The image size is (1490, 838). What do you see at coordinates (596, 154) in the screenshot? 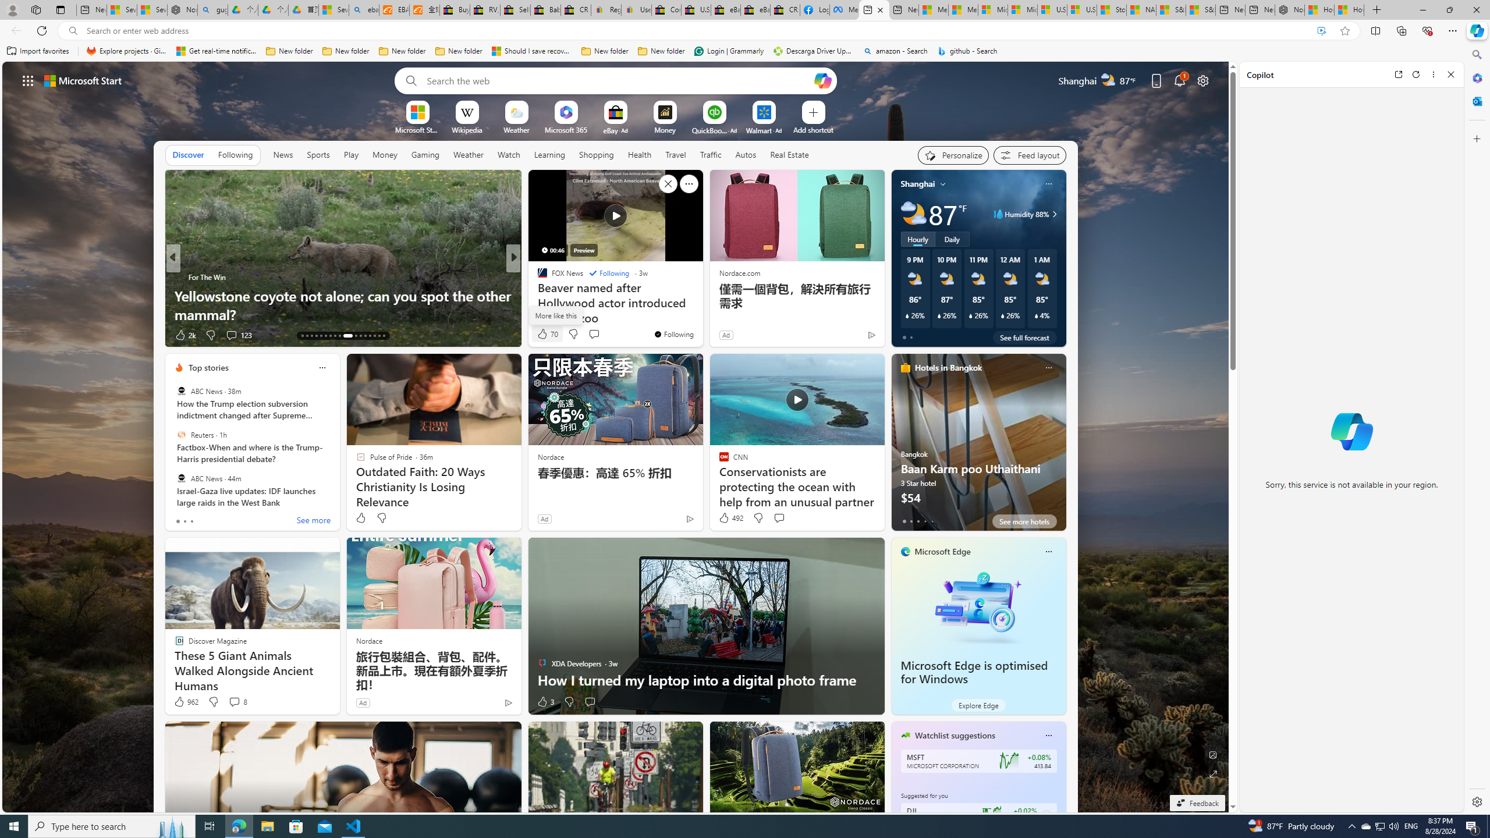
I see `'Shopping'` at bounding box center [596, 154].